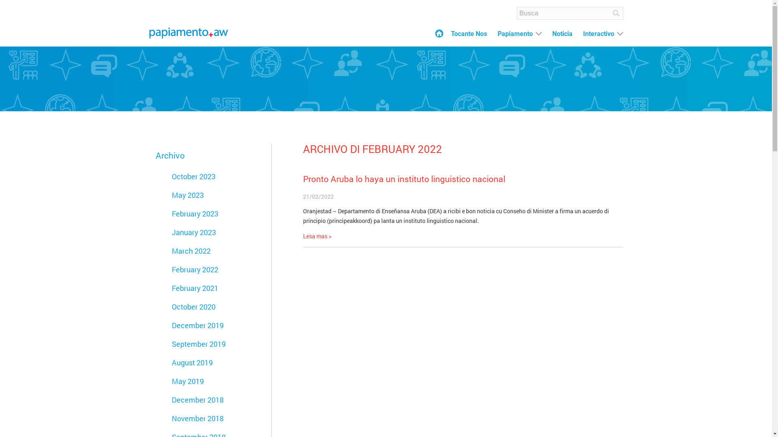  Describe the element at coordinates (171, 418) in the screenshot. I see `'November 2018'` at that location.